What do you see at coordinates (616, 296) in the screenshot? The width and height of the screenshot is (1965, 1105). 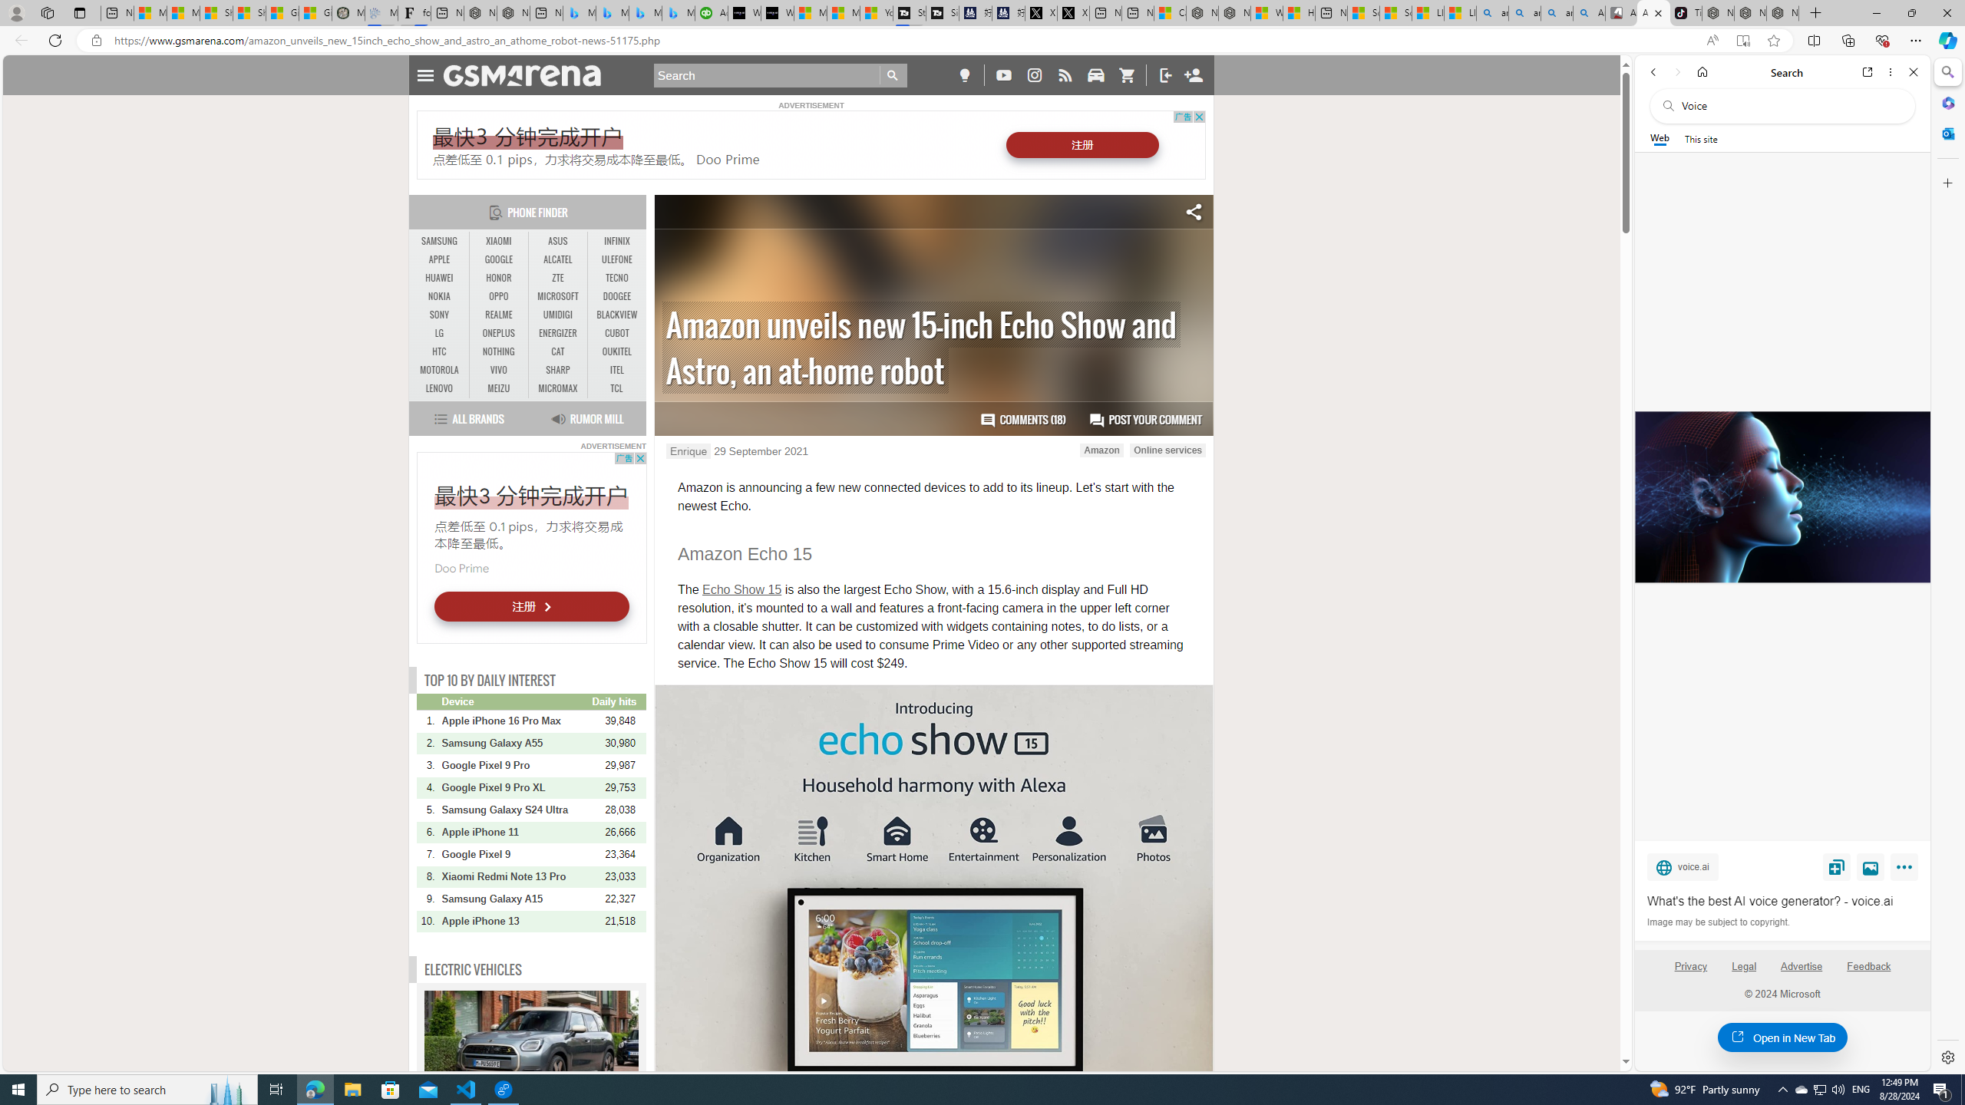 I see `'DOOGEE'` at bounding box center [616, 296].